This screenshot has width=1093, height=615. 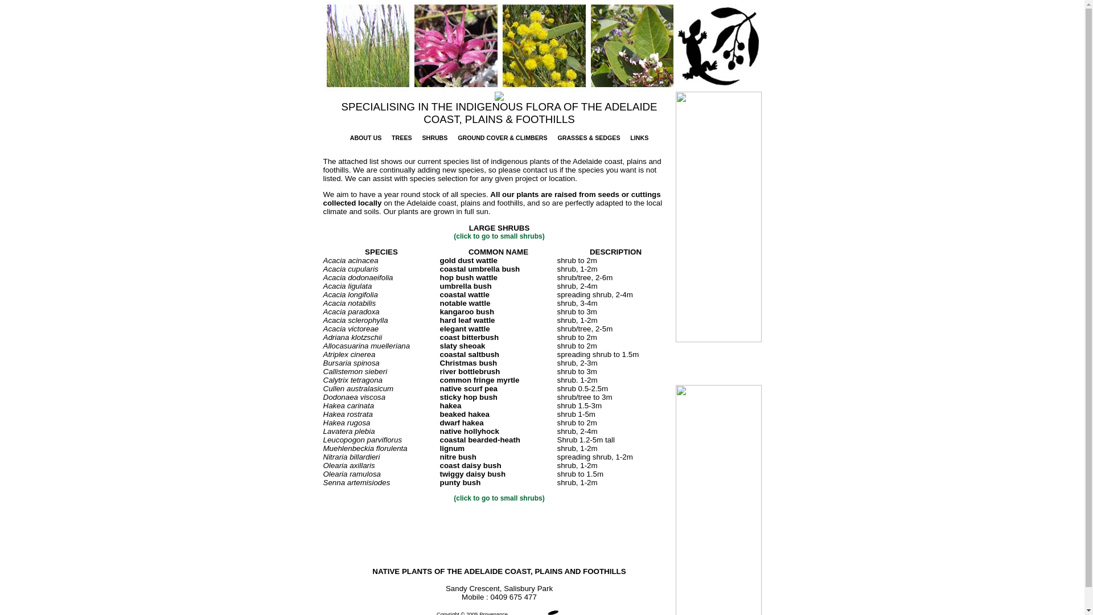 What do you see at coordinates (639, 137) in the screenshot?
I see `'LINKS'` at bounding box center [639, 137].